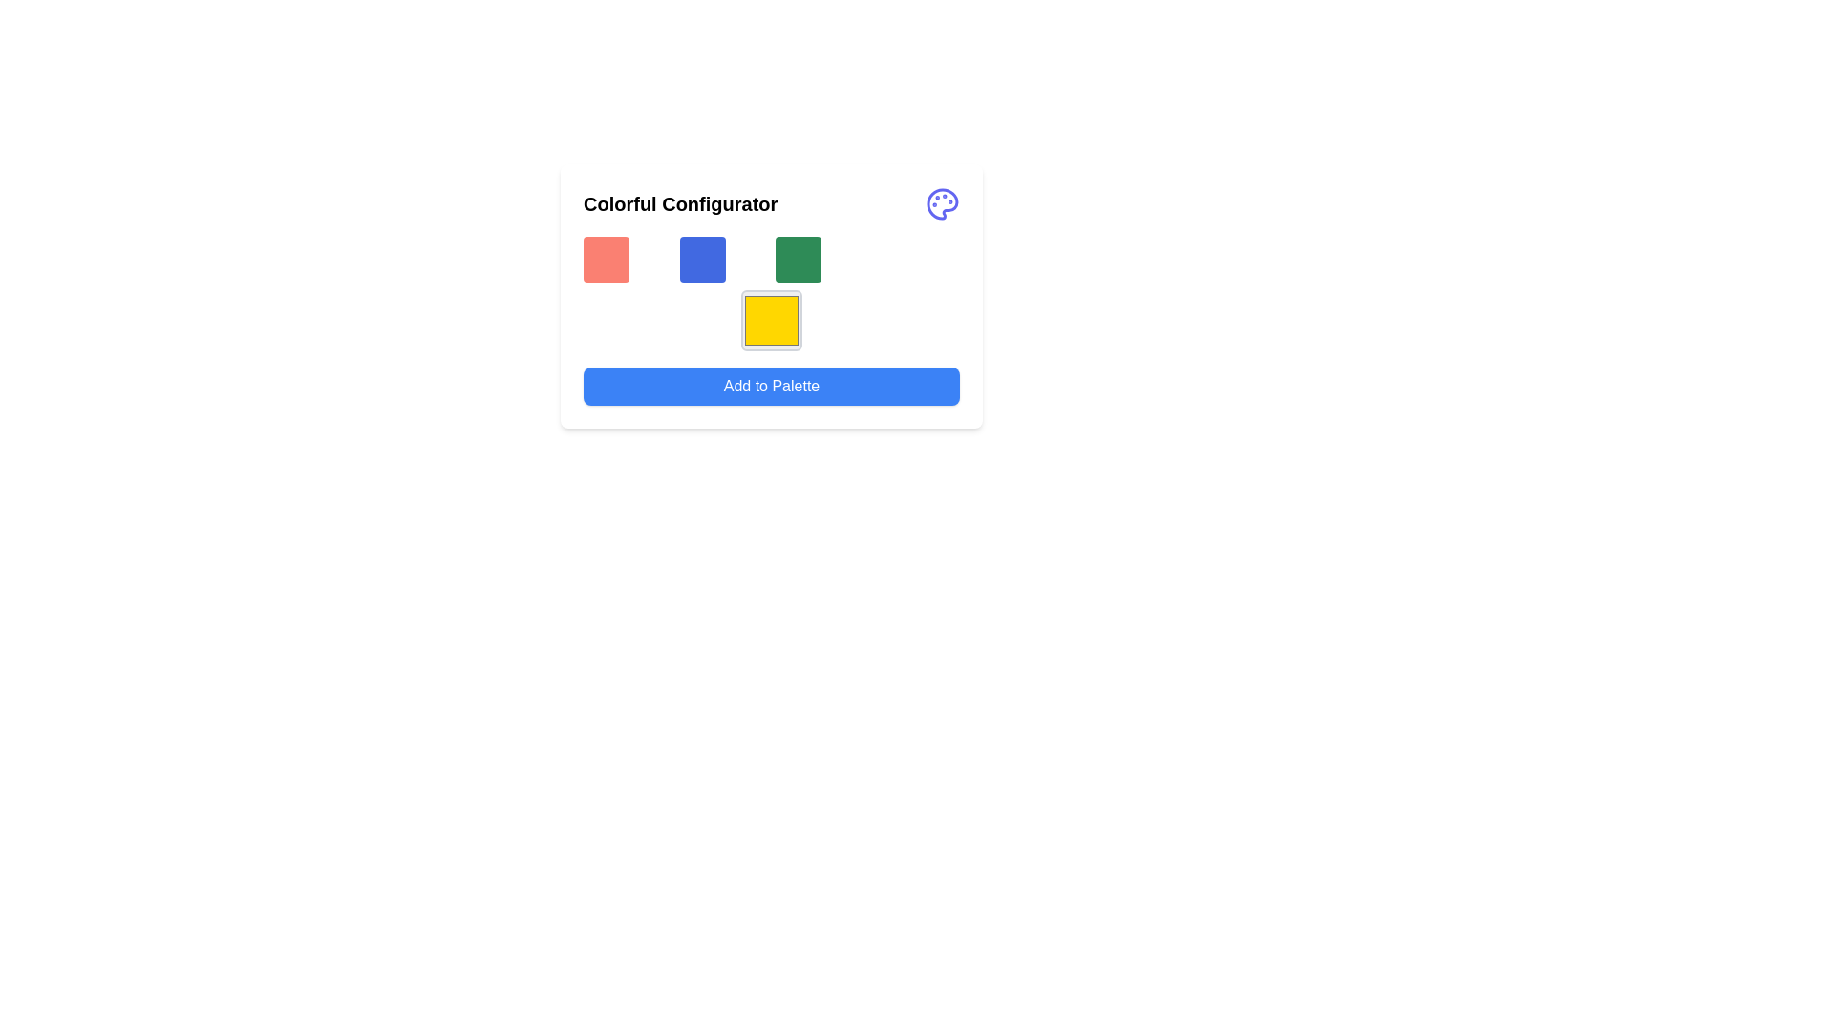 The width and height of the screenshot is (1834, 1031). I want to click on the green square with rounded corners, which is the third square in a horizontally aligned grid of four squares, so click(798, 260).